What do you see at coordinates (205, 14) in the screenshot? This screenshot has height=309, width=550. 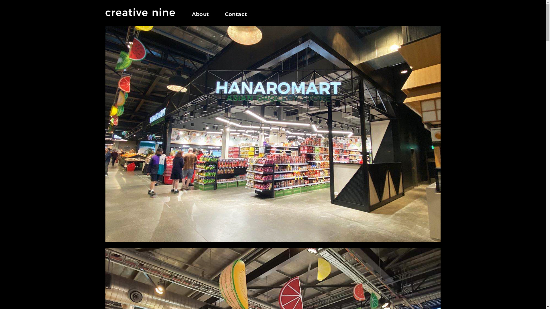 I see `'About'` at bounding box center [205, 14].